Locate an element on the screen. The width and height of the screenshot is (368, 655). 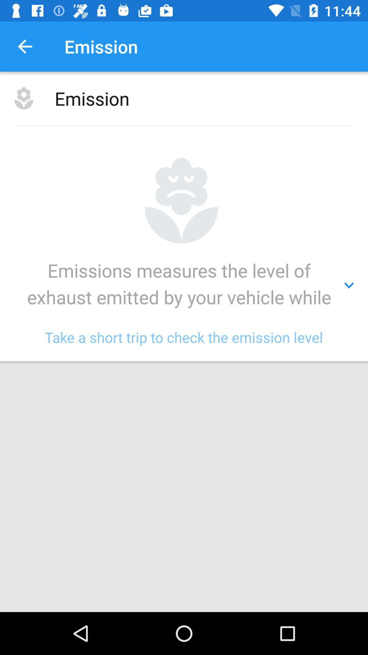
the emissions measures the item is located at coordinates (184, 285).